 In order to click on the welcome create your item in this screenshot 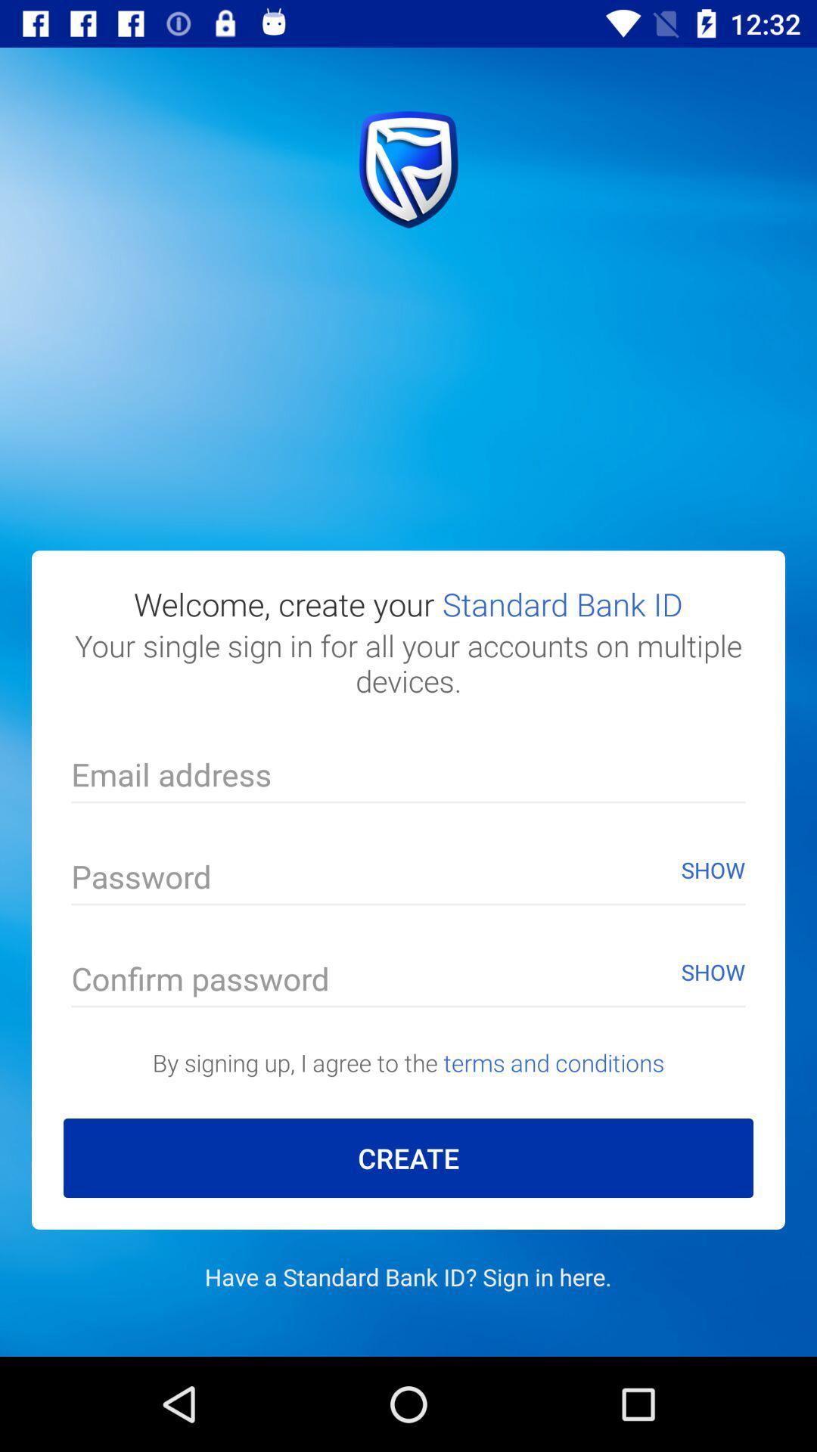, I will do `click(408, 603)`.